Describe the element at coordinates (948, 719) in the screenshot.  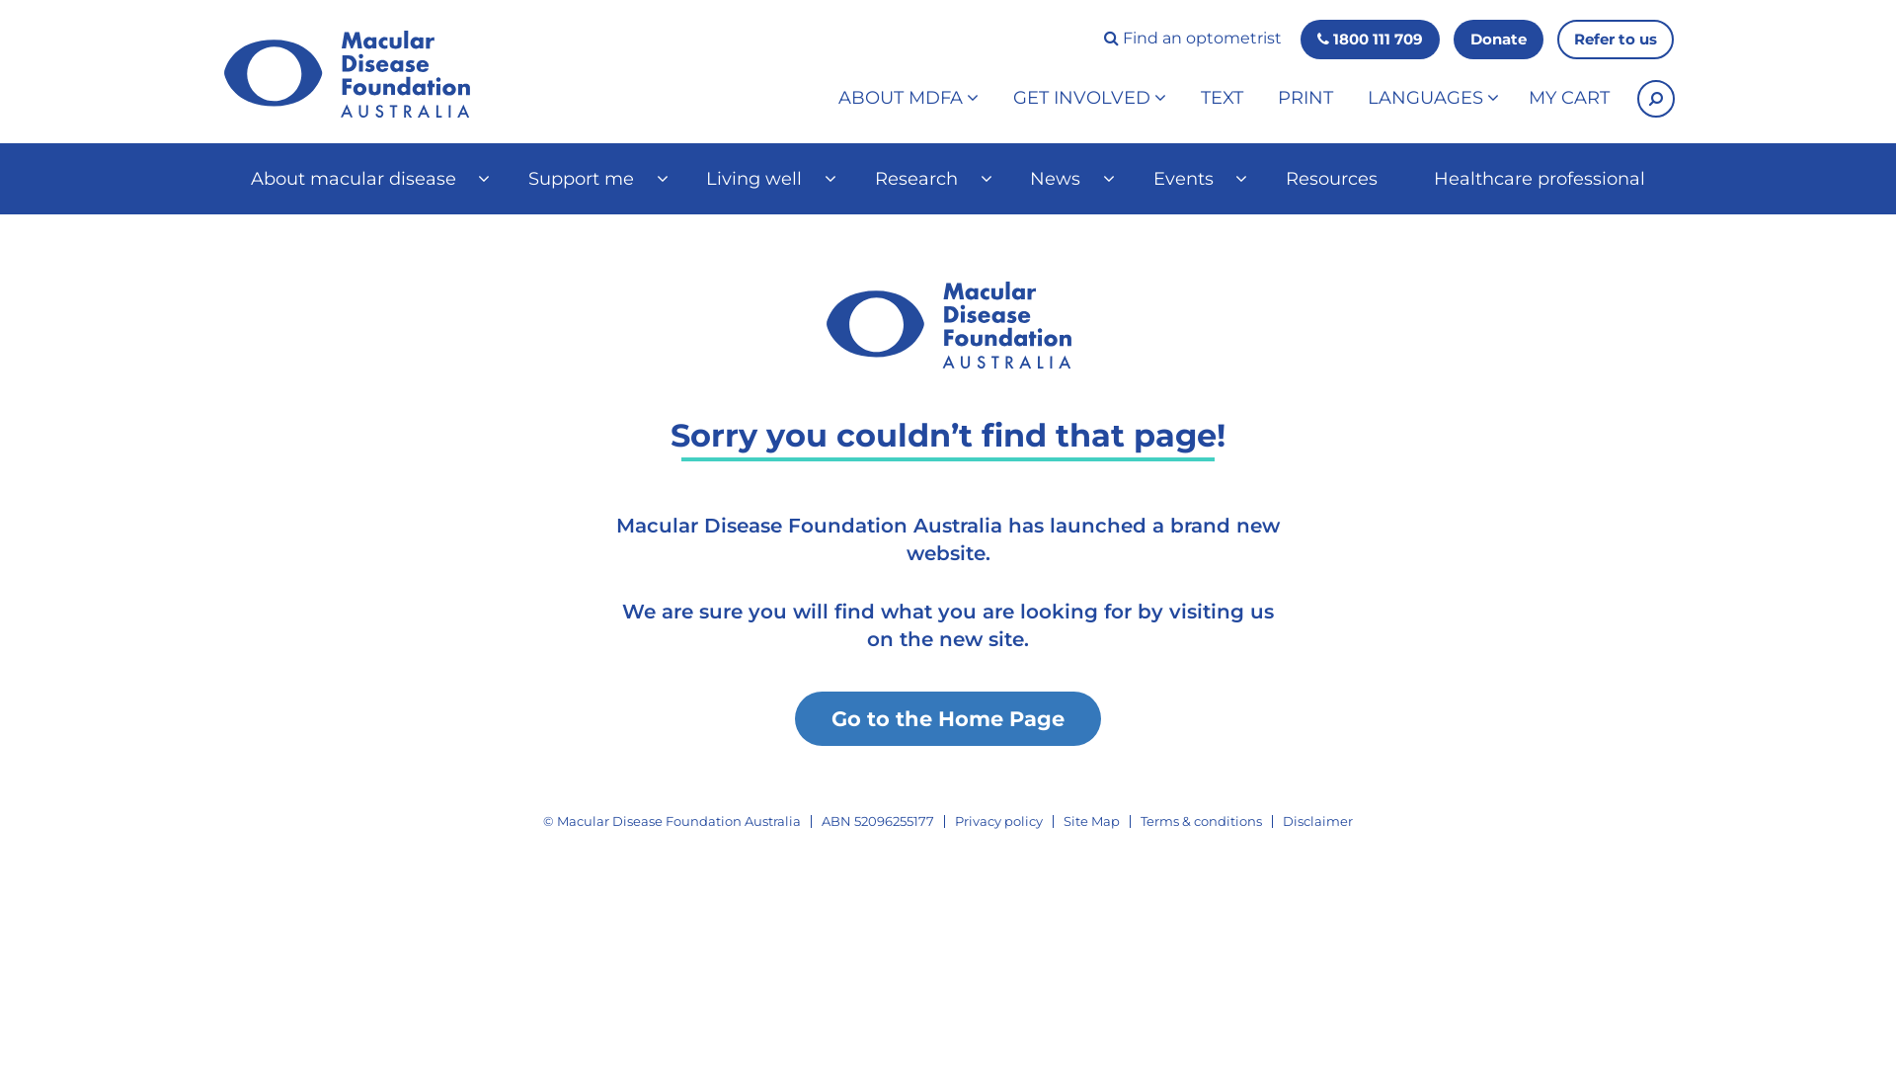
I see `'Go to the Home Page'` at that location.